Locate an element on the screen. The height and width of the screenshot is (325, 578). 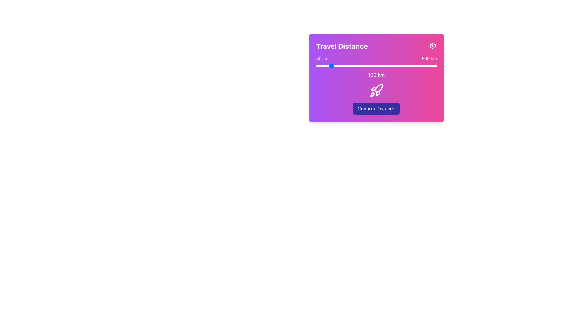
the static text label indicating 'Travel Distance', which serves as a header for the section is located at coordinates (342, 46).